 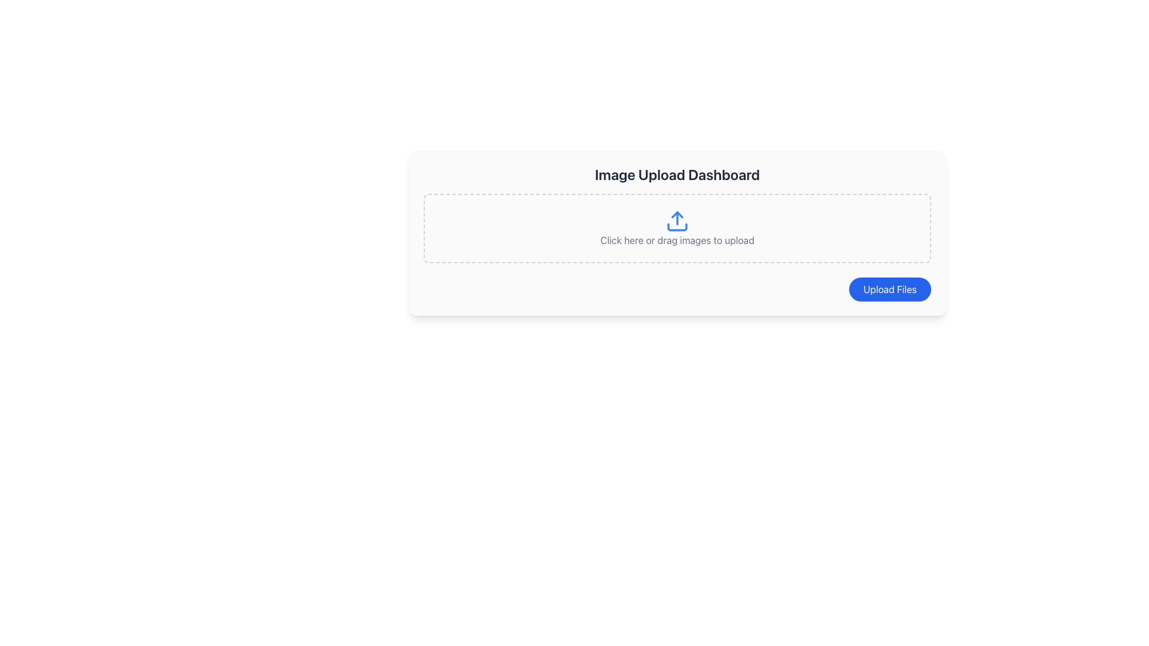 What do you see at coordinates (677, 227) in the screenshot?
I see `the base line of the stylized upload icon, which is located centrally within the dashed border area labeled 'Click here or drag images to upload'` at bounding box center [677, 227].